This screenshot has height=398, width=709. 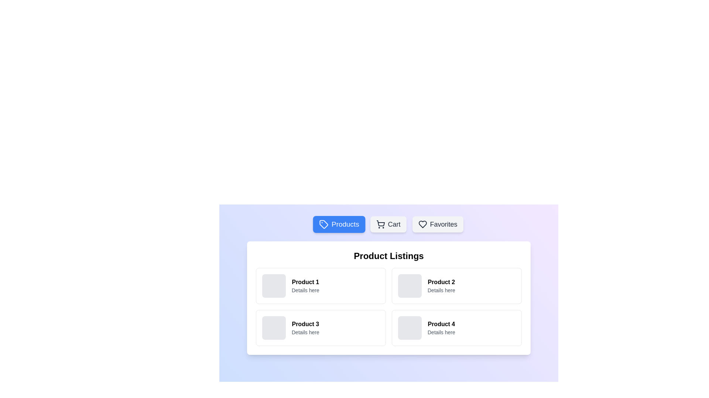 What do you see at coordinates (305, 290) in the screenshot?
I see `the descriptive text label located directly below the 'Product 1' label in the upper-left cell of the product grid layout, which provides additional information about the product` at bounding box center [305, 290].